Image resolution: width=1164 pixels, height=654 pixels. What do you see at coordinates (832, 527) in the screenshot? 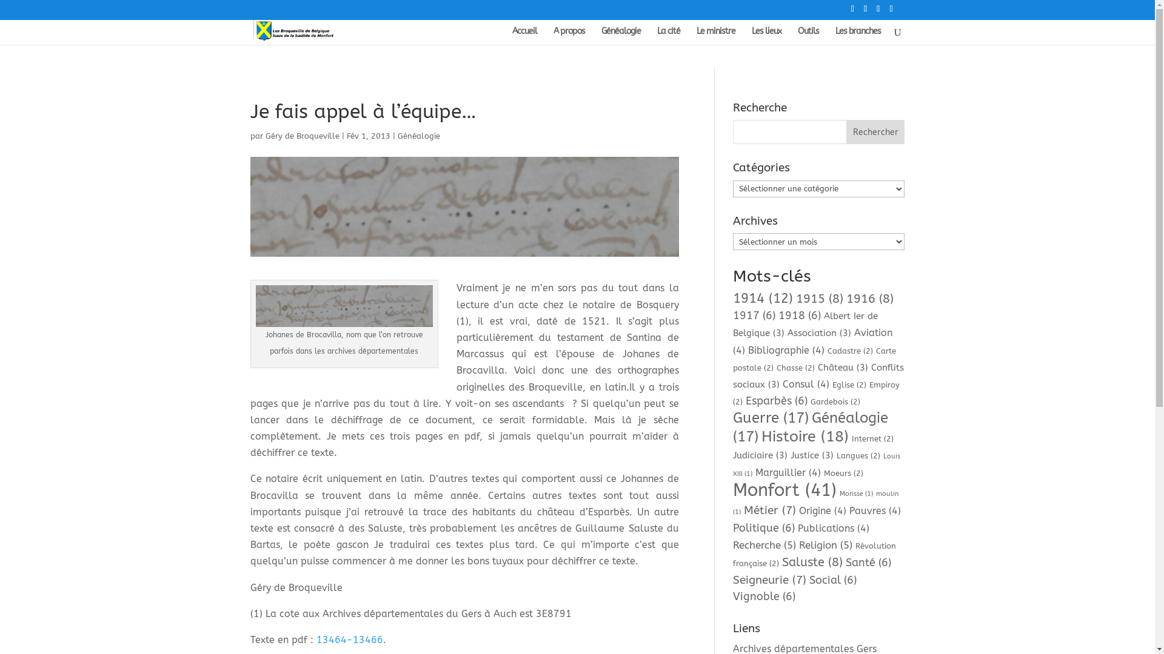
I see `'Publications (4)'` at bounding box center [832, 527].